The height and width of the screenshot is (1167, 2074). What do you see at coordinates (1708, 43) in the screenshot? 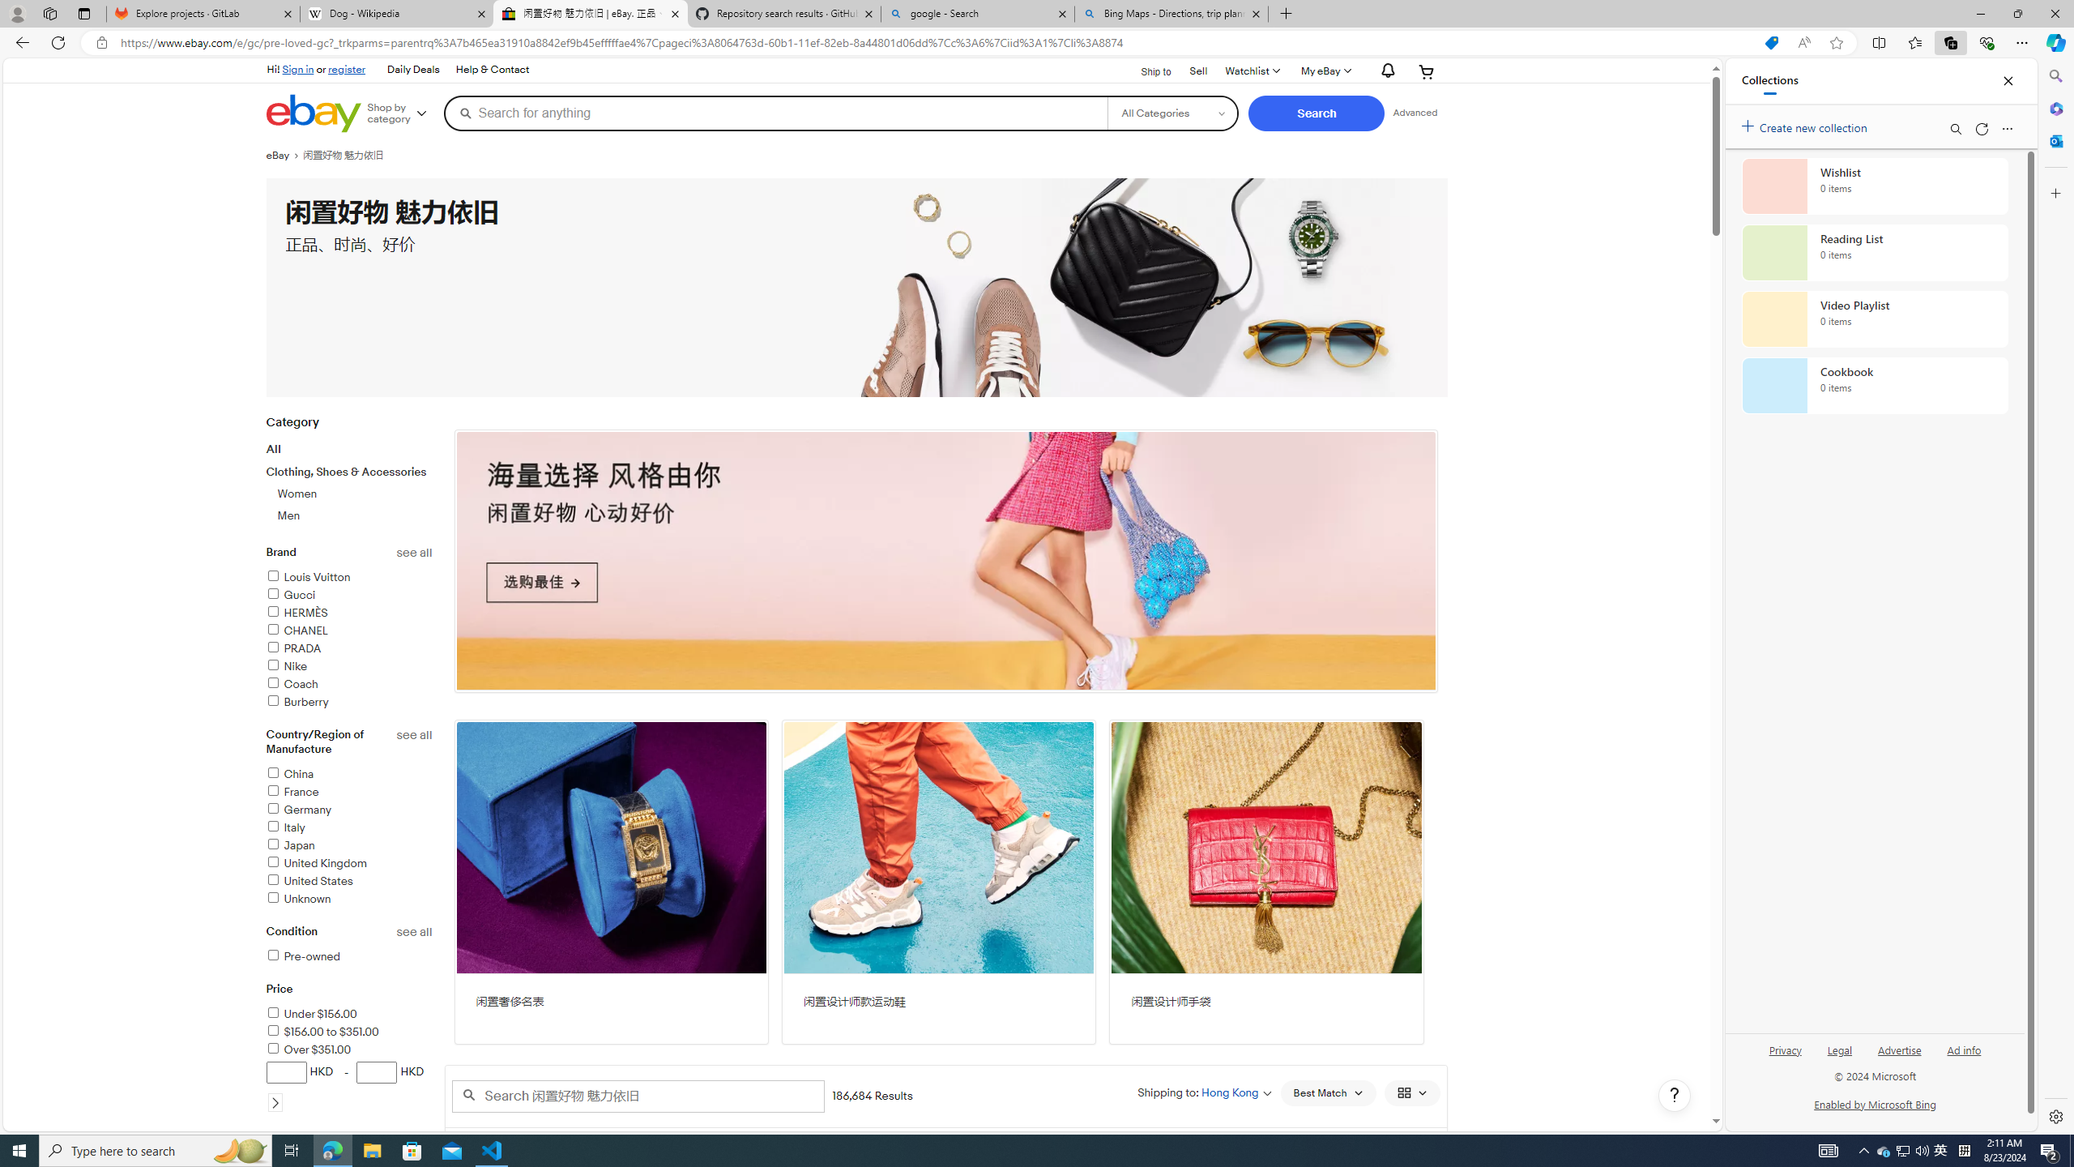
I see `'You have the best price!'` at bounding box center [1708, 43].